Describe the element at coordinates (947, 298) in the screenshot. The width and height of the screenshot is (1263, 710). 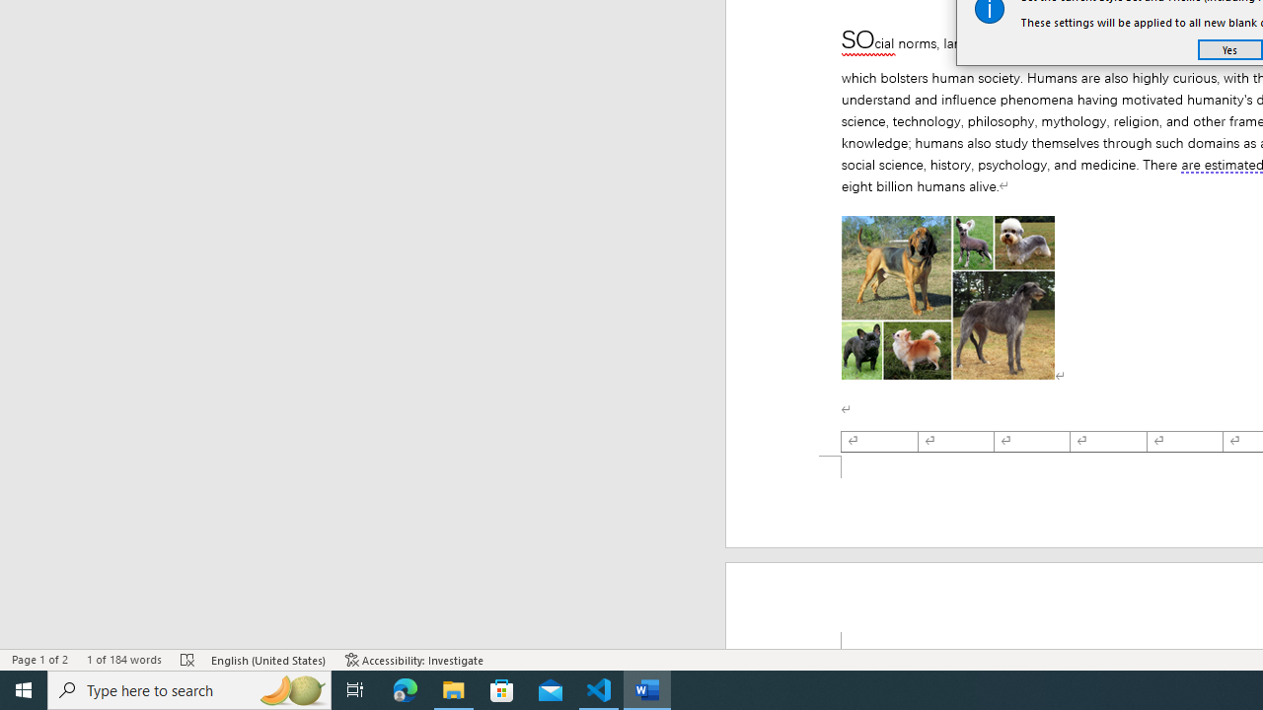
I see `'Morphological variation in six dogs'` at that location.